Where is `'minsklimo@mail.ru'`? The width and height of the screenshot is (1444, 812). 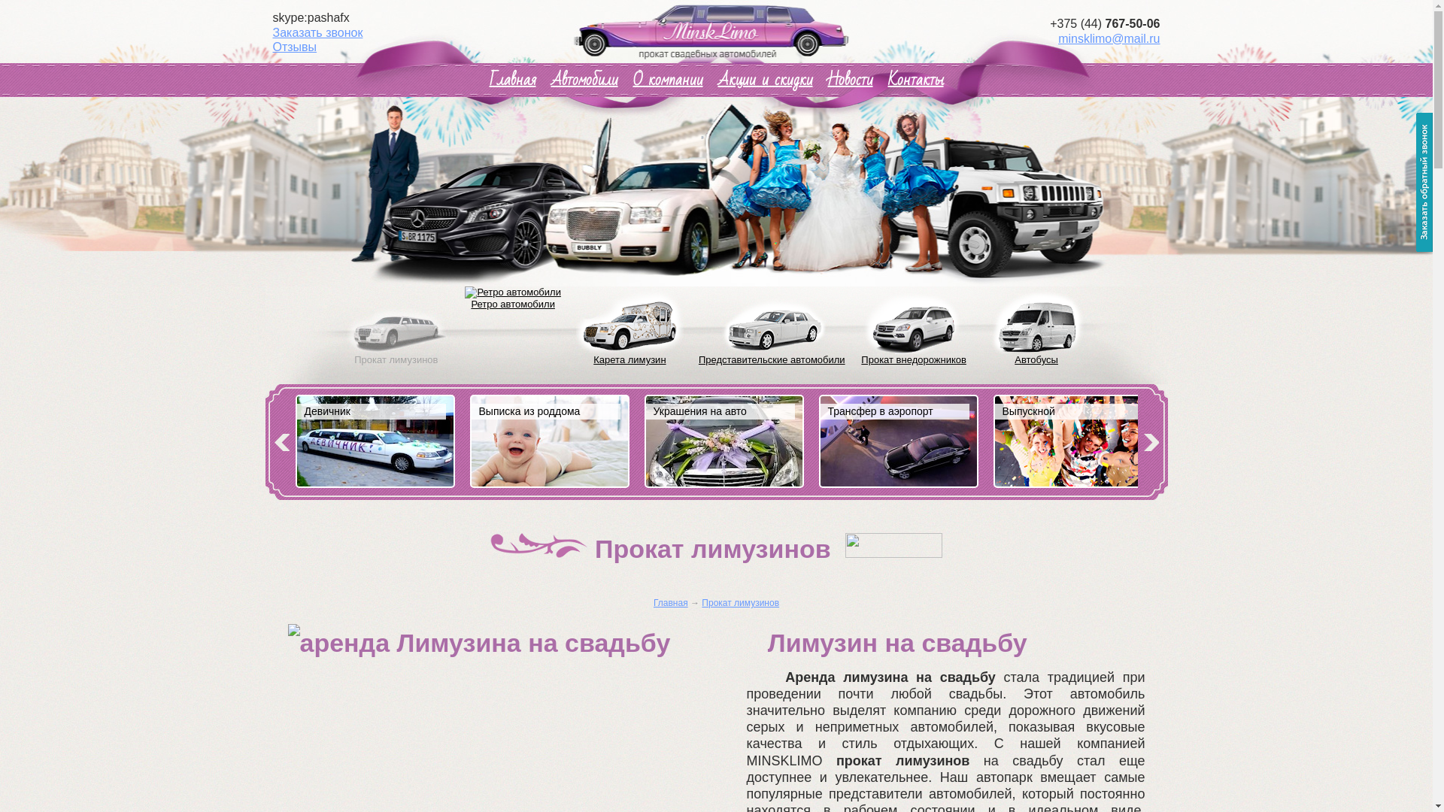
'minsklimo@mail.ru' is located at coordinates (1109, 38).